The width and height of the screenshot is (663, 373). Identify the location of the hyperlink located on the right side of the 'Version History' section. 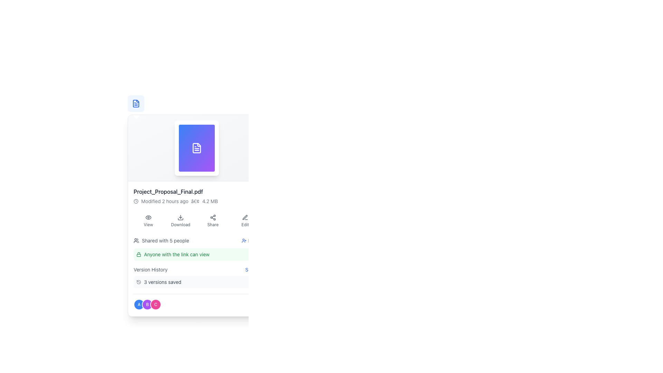
(252, 269).